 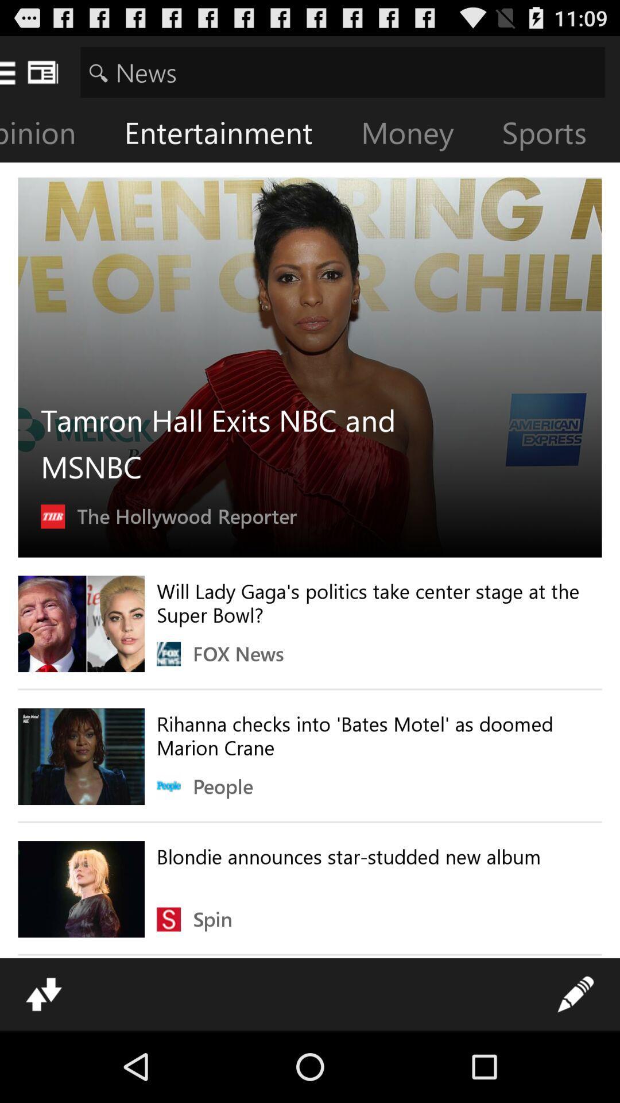 I want to click on the sports icon, so click(x=553, y=135).